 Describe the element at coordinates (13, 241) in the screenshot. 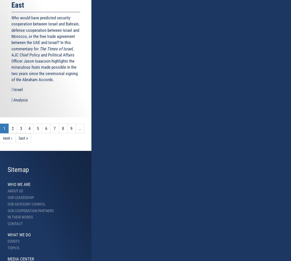

I see `'Events'` at that location.